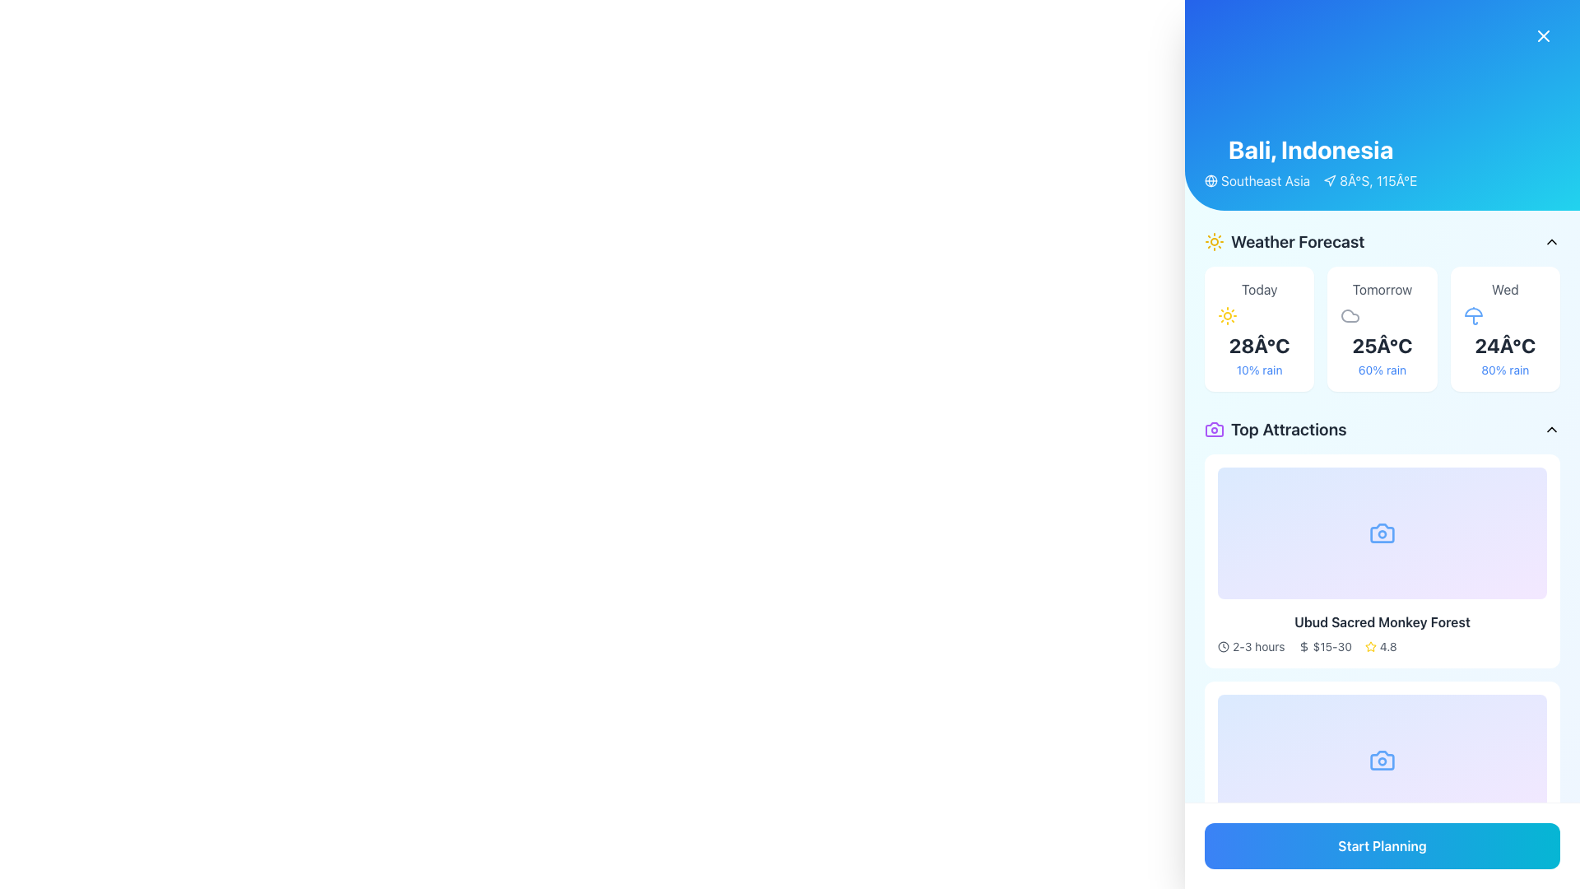  What do you see at coordinates (1257, 873) in the screenshot?
I see `the text label indicating the estimated duration for the attraction visit, which is located below the title 'Ubud Sacred Monkey Forest.'` at bounding box center [1257, 873].